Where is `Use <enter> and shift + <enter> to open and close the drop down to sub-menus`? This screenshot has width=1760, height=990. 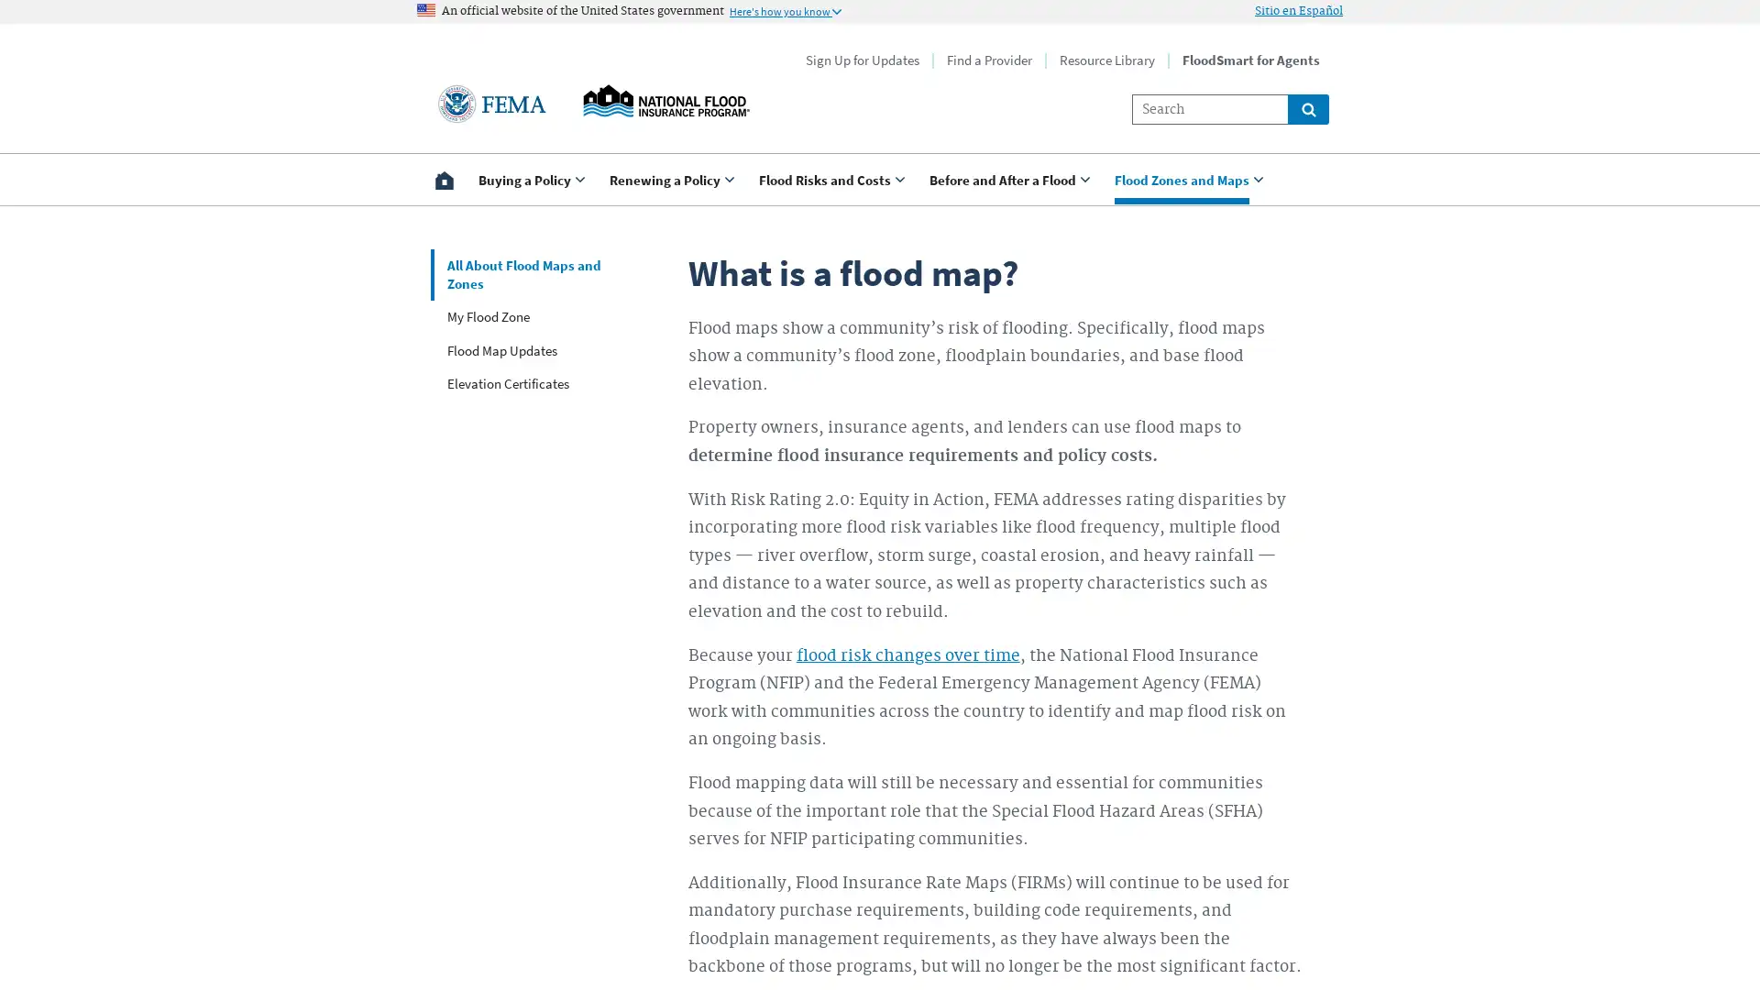 Use <enter> and shift + <enter> to open and close the drop down to sub-menus is located at coordinates (834, 179).